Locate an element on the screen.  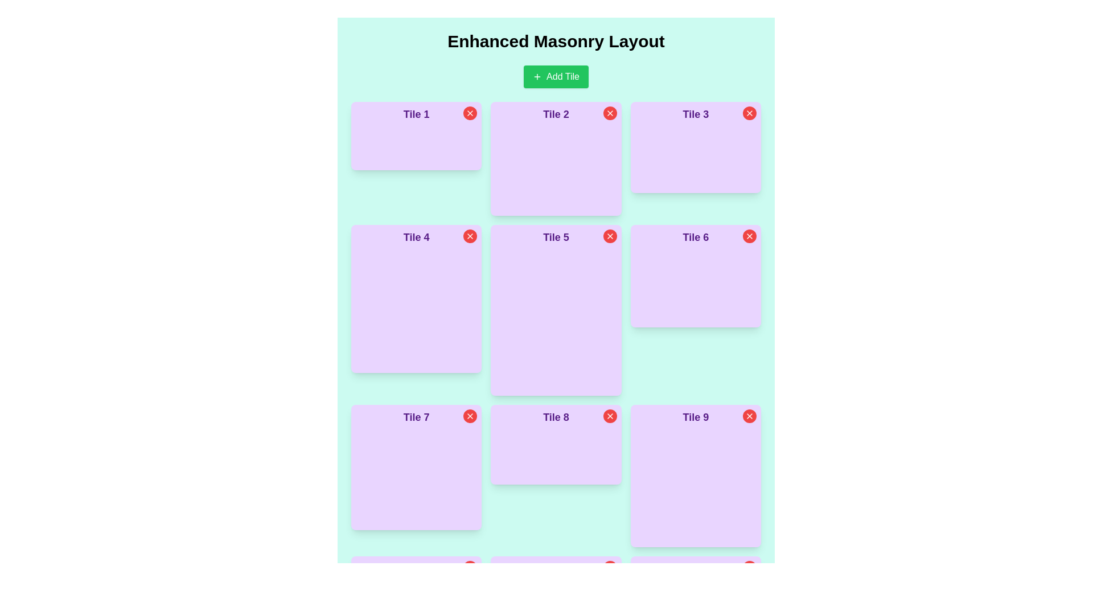
the sixth tile in the grid layout is located at coordinates (695, 276).